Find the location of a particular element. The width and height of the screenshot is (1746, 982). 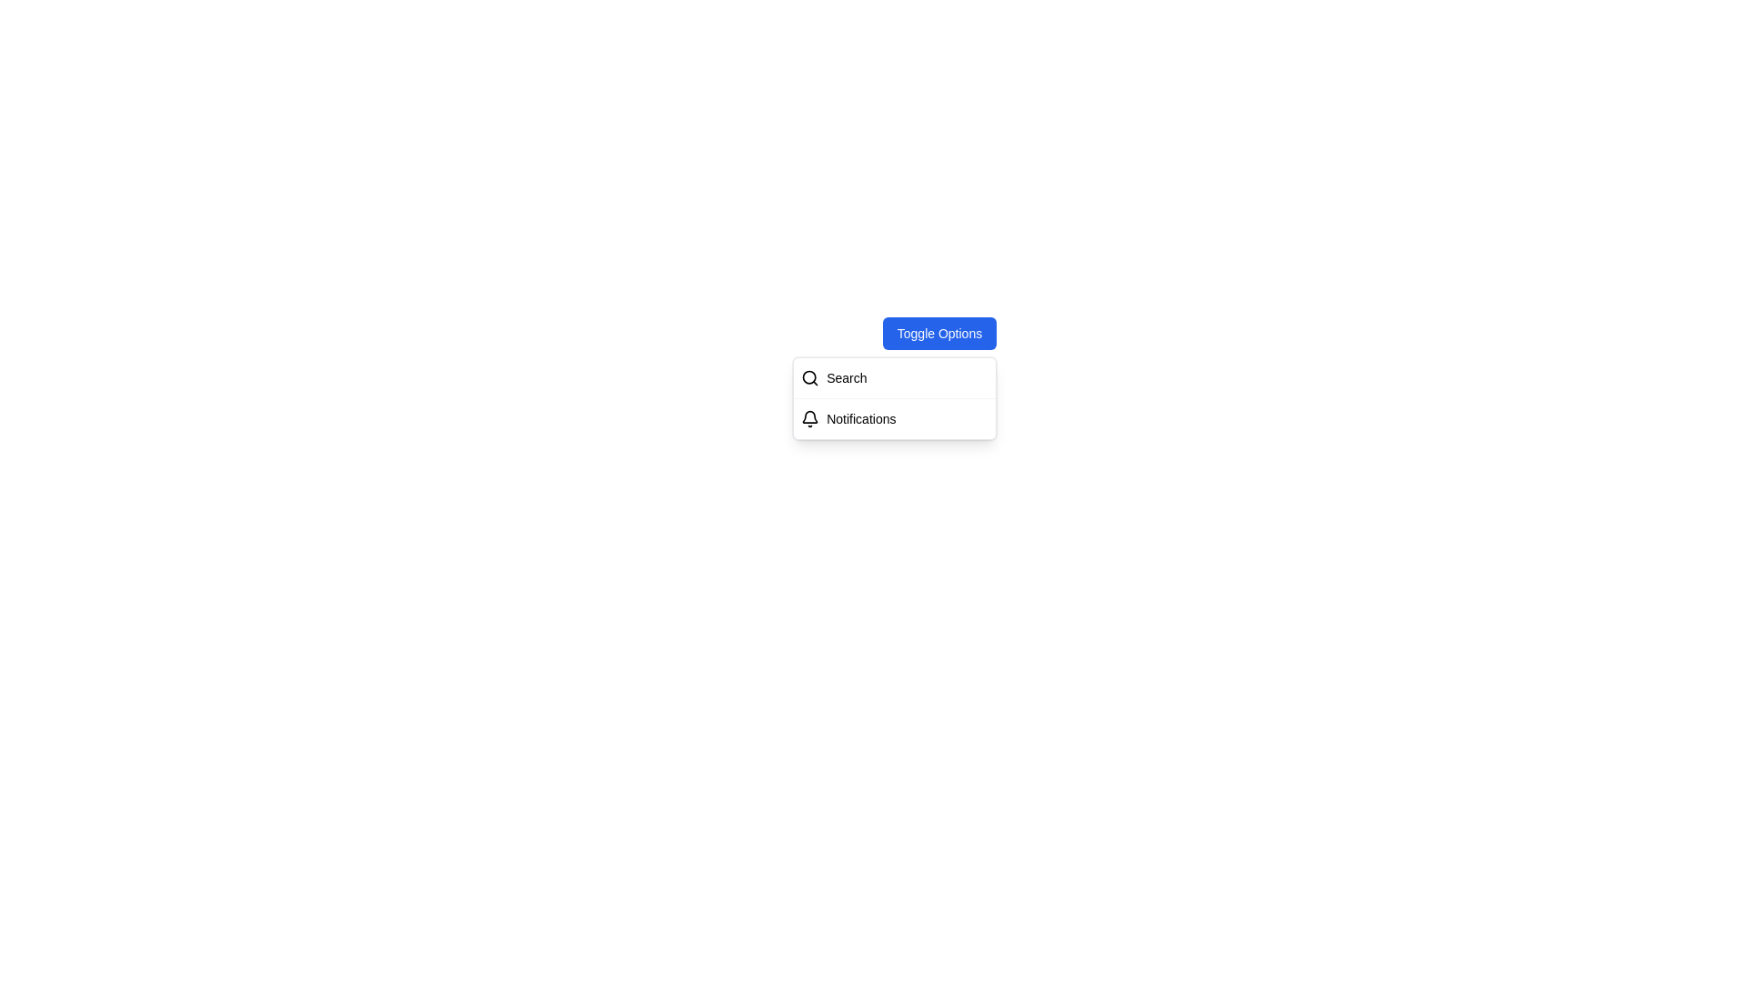

the notification indicator icon that visually signifies notifications, located to the left of the text label in the 'Notifications' dropdown menu is located at coordinates (809, 419).